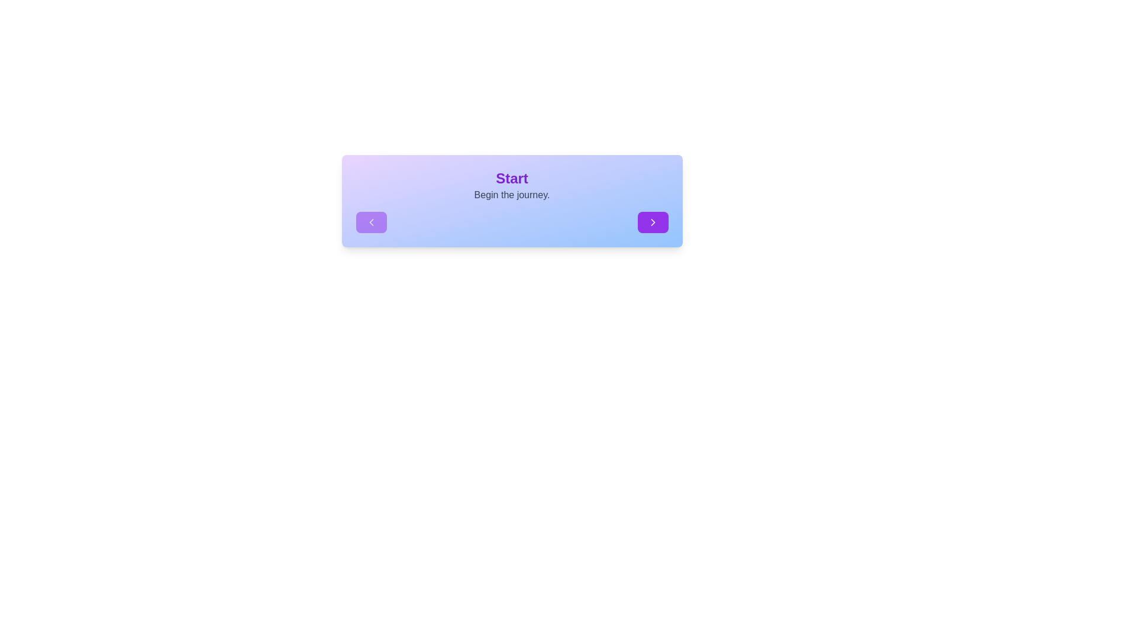  What do you see at coordinates (370, 222) in the screenshot?
I see `the navigation button to move to the previous step` at bounding box center [370, 222].